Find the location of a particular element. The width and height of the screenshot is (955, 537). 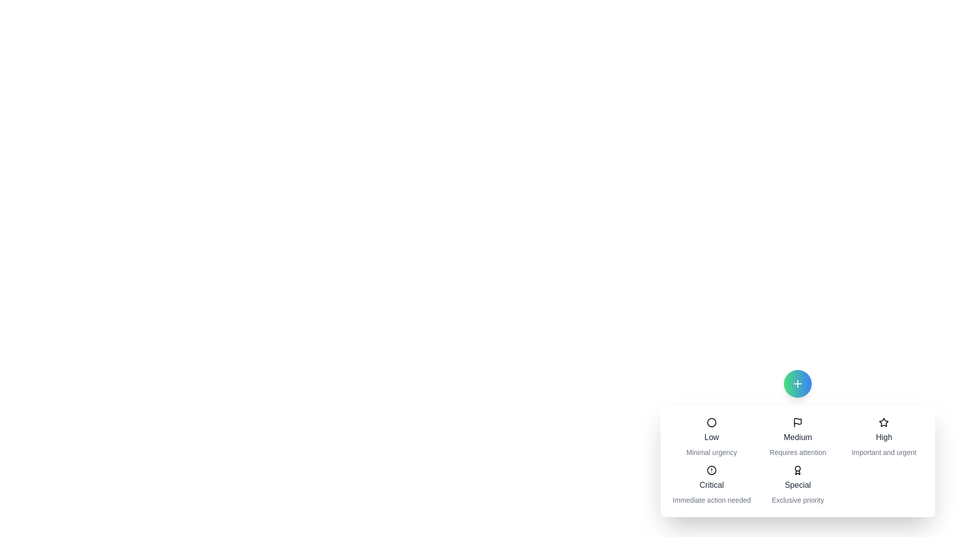

the priority option Medium from the menu is located at coordinates (798, 437).